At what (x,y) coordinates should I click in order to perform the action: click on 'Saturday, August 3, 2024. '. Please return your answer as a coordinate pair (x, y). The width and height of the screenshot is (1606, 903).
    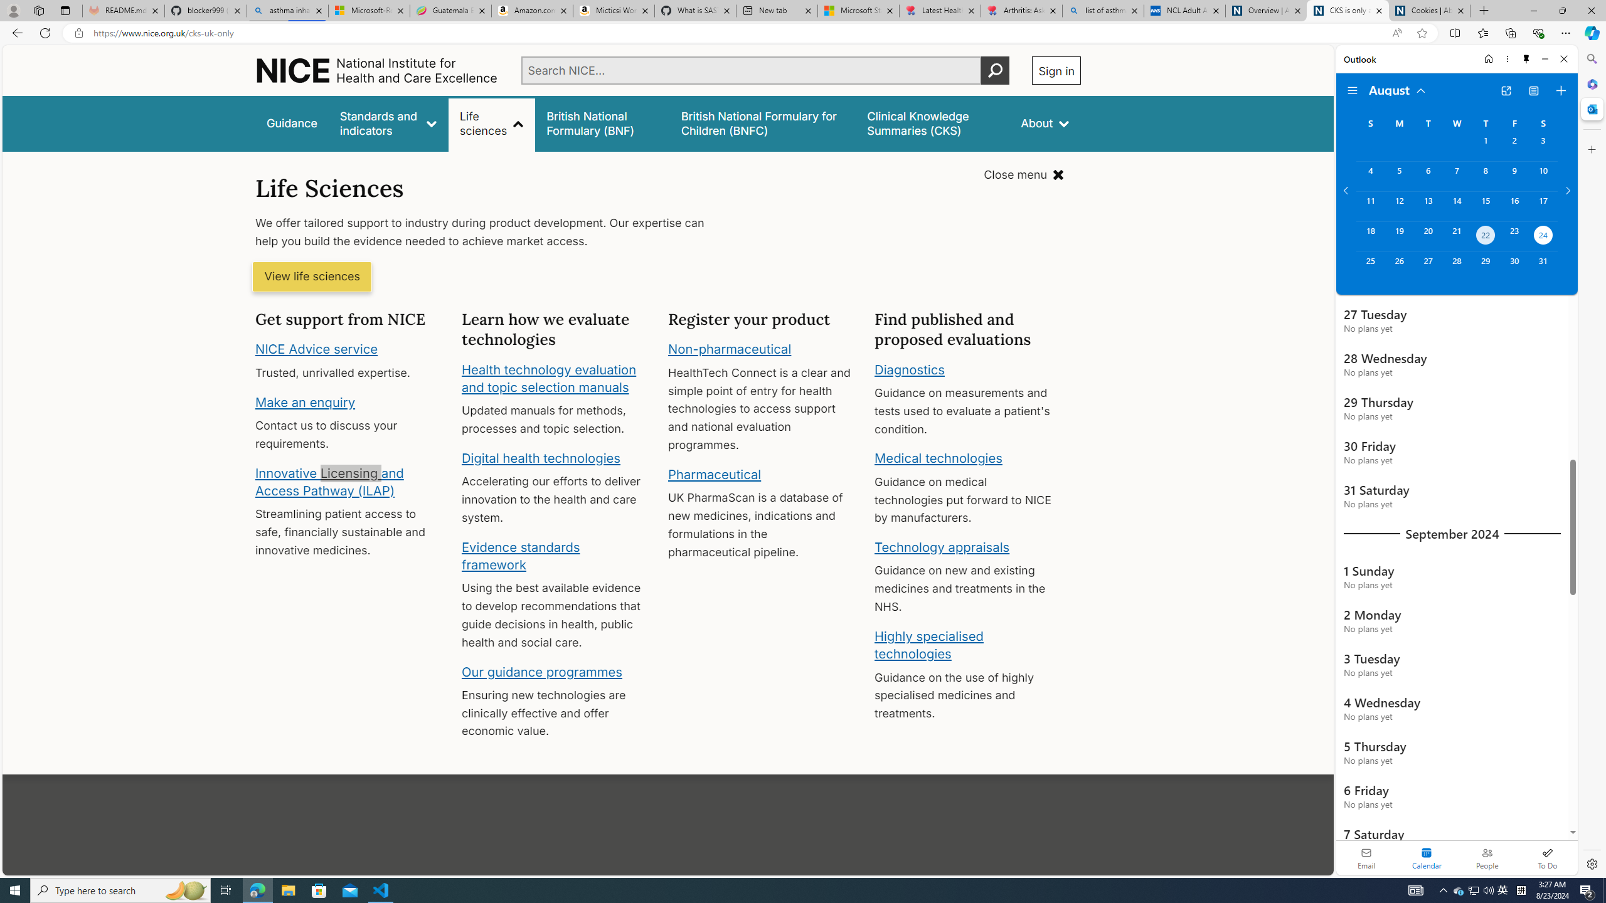
    Looking at the image, I should click on (1543, 146).